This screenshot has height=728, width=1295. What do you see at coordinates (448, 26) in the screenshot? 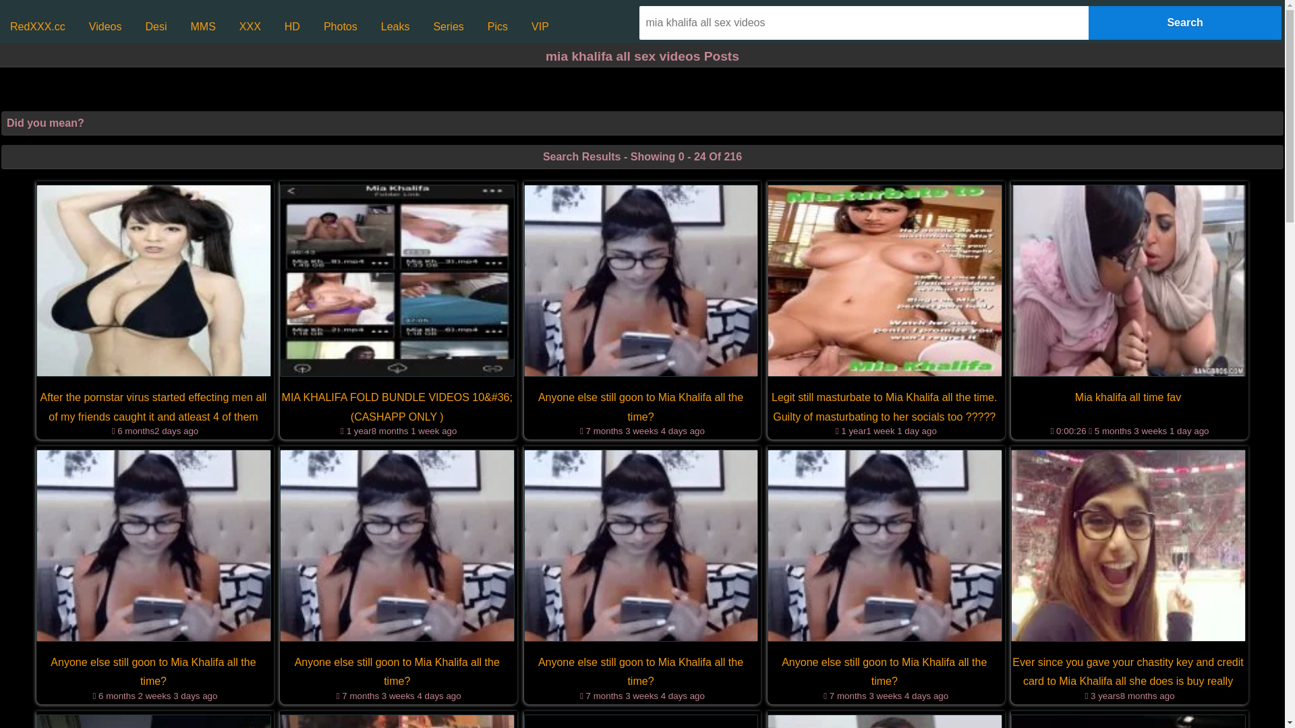
I see `'Series'` at bounding box center [448, 26].